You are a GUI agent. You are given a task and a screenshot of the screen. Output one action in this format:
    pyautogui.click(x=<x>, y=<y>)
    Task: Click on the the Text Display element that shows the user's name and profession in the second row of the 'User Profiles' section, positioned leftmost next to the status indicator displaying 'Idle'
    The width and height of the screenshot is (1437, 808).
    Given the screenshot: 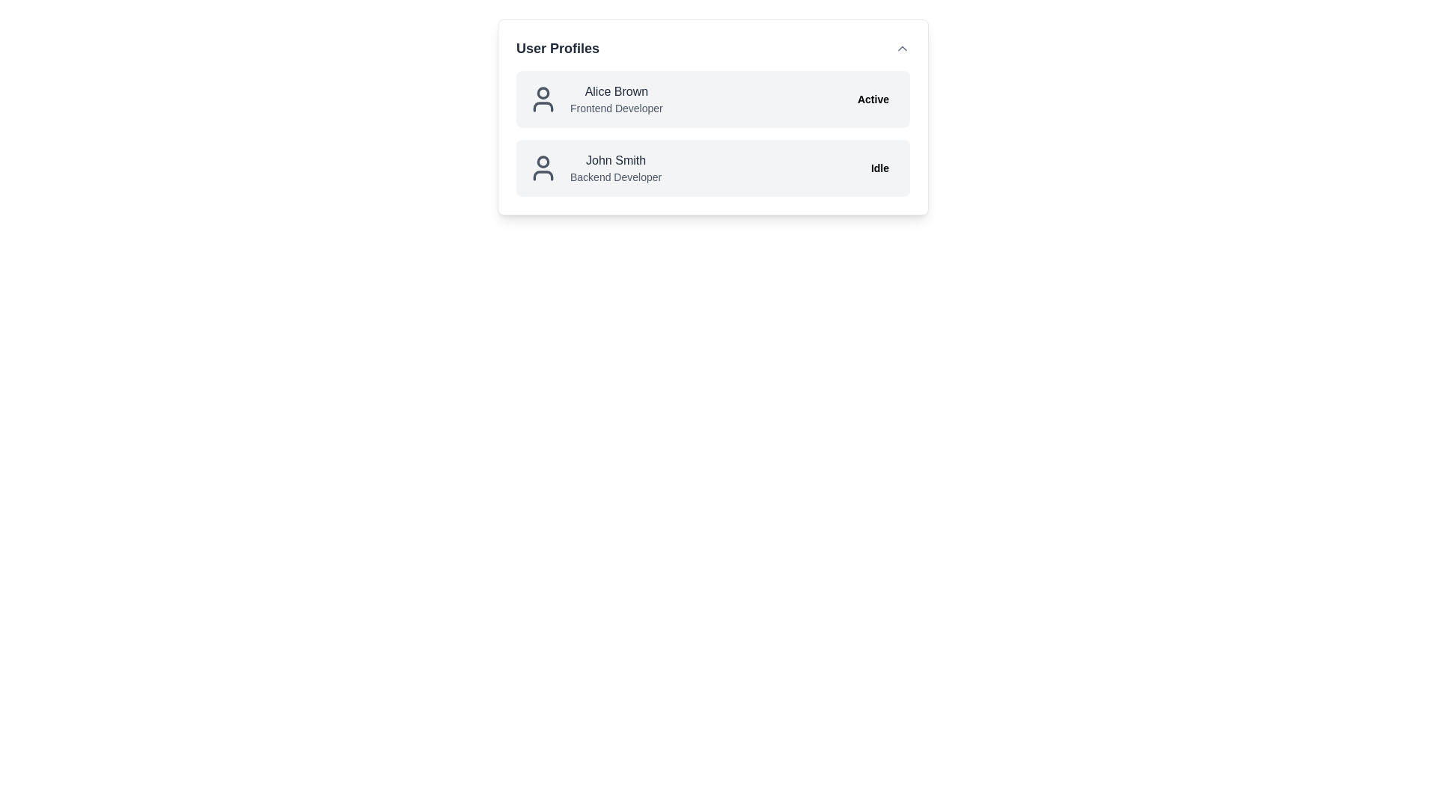 What is the action you would take?
    pyautogui.click(x=594, y=168)
    